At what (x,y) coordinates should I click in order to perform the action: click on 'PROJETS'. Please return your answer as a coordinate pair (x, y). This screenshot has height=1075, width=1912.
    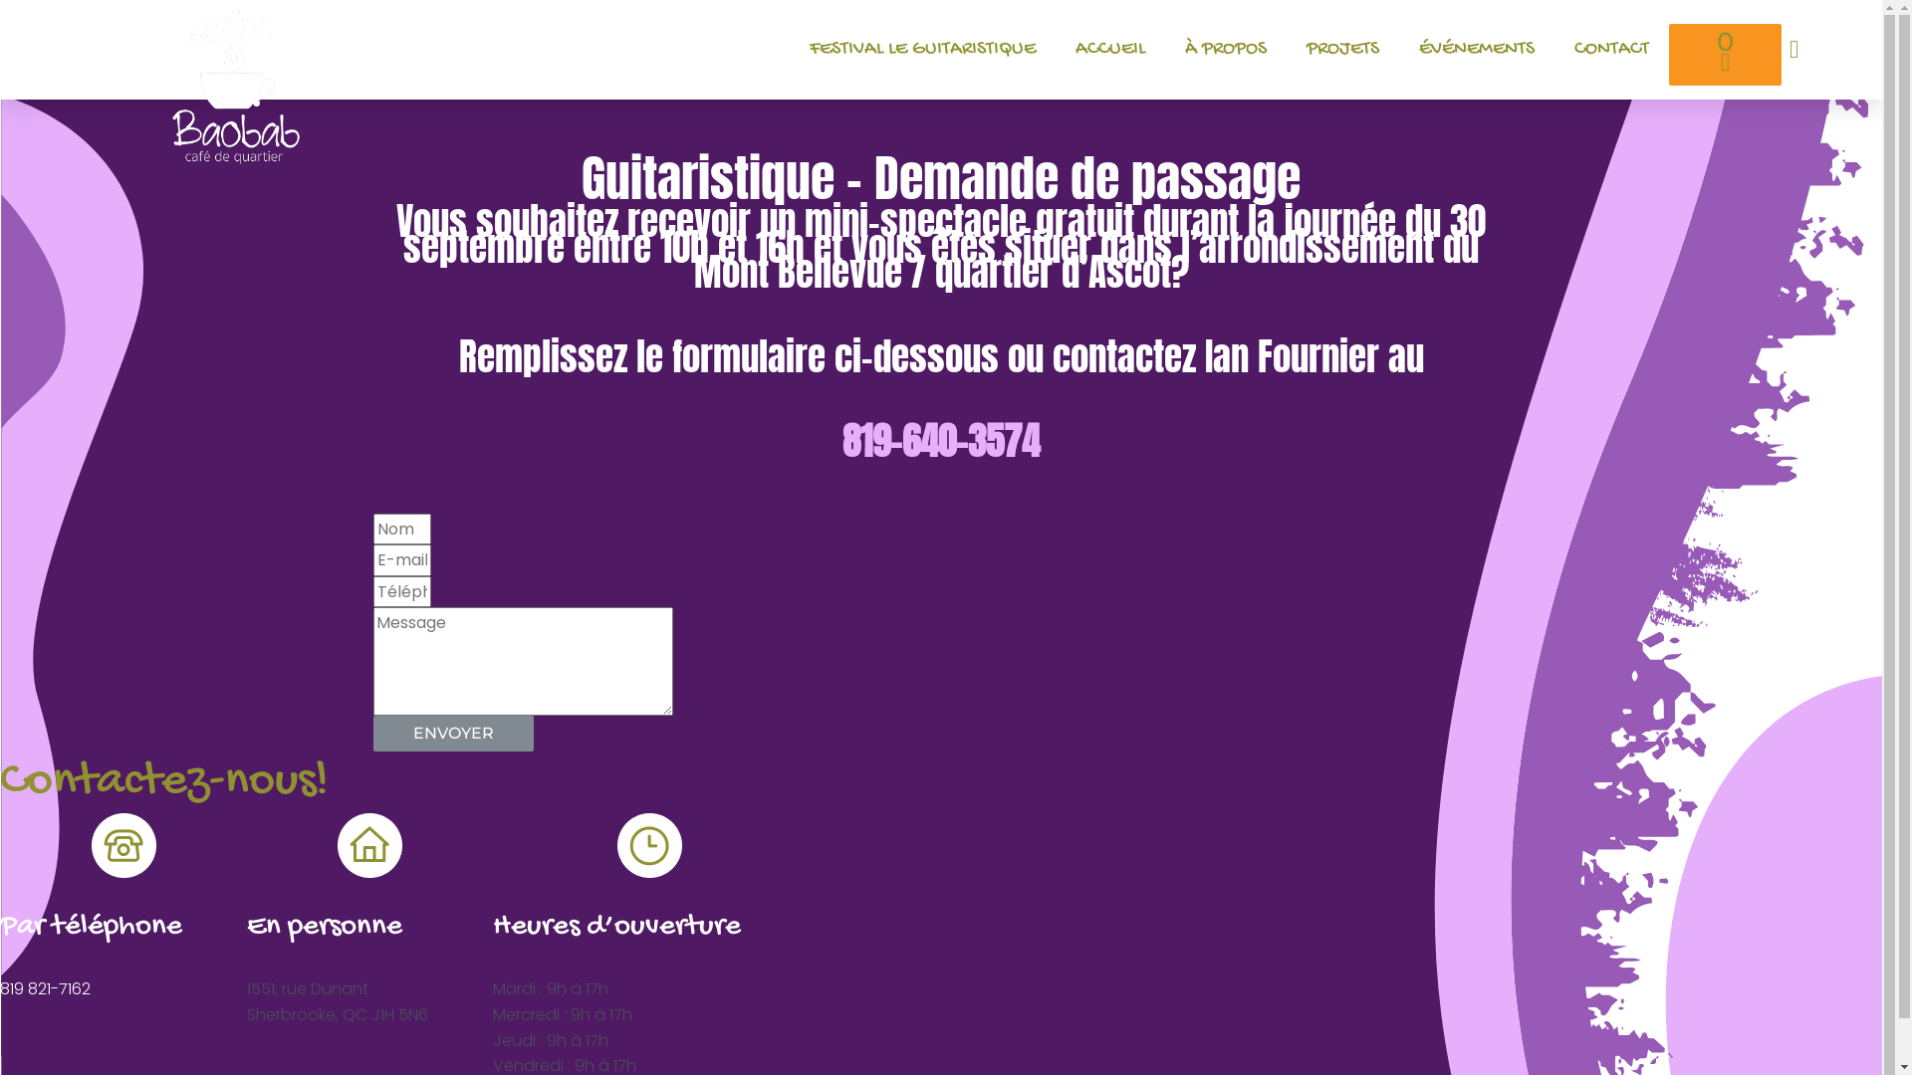
    Looking at the image, I should click on (1286, 49).